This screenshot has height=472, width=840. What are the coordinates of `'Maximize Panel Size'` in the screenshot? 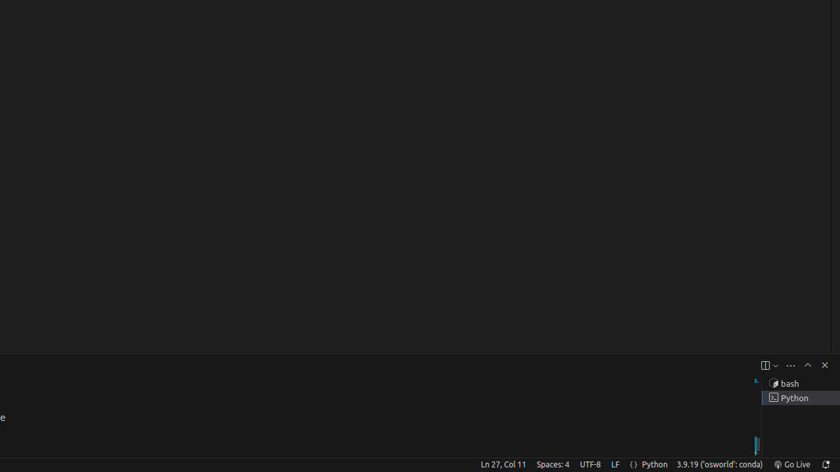 It's located at (807, 364).